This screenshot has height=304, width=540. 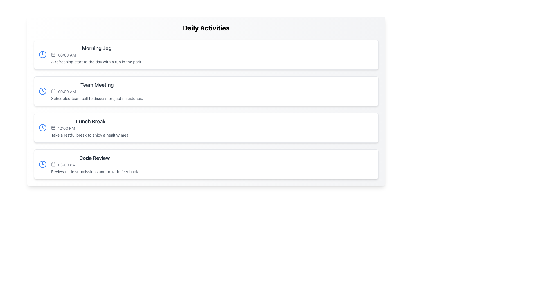 What do you see at coordinates (43, 54) in the screenshot?
I see `the SVG polyline component that visually indicates time for the 'Morning Jog' task in the day planner` at bounding box center [43, 54].